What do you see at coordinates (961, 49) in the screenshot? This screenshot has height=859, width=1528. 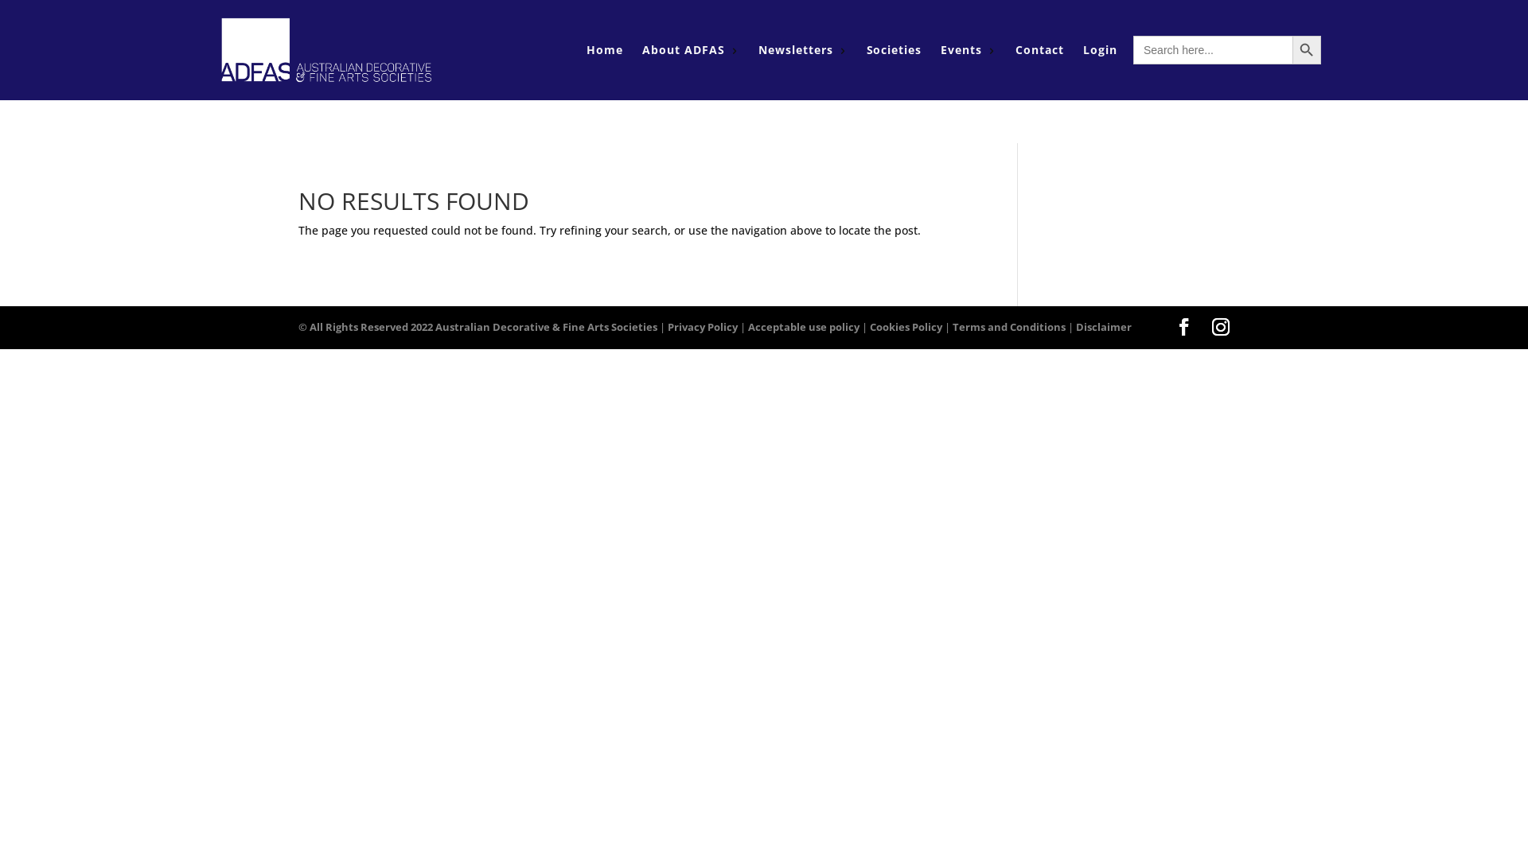 I see `'Events'` at bounding box center [961, 49].